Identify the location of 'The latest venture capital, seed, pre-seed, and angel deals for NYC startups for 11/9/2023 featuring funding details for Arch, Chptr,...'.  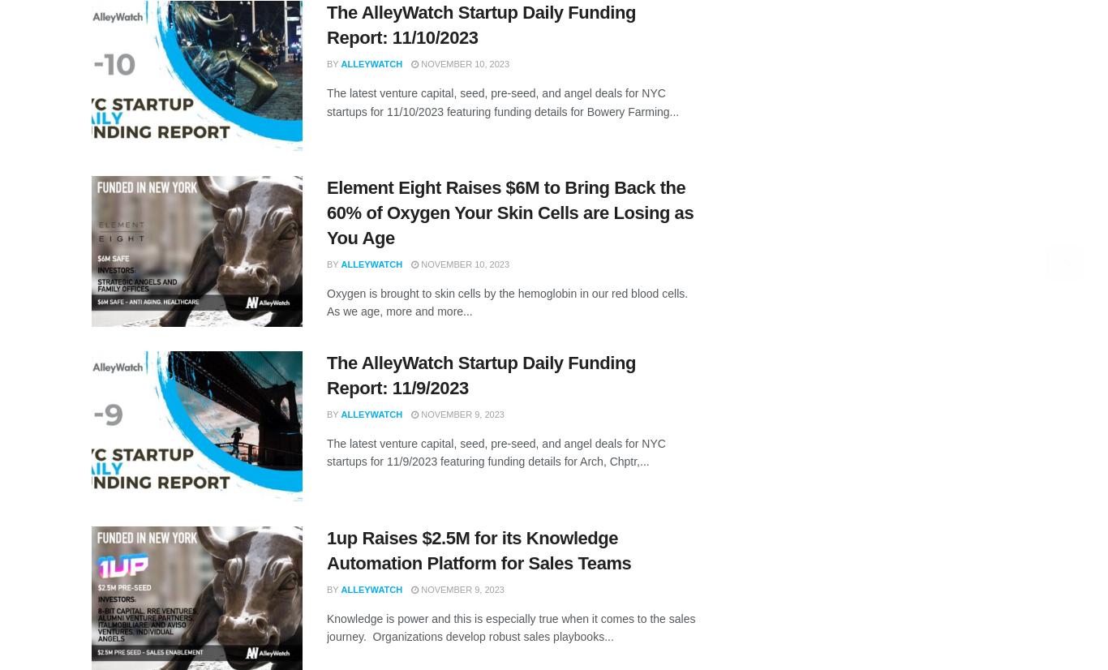
(325, 452).